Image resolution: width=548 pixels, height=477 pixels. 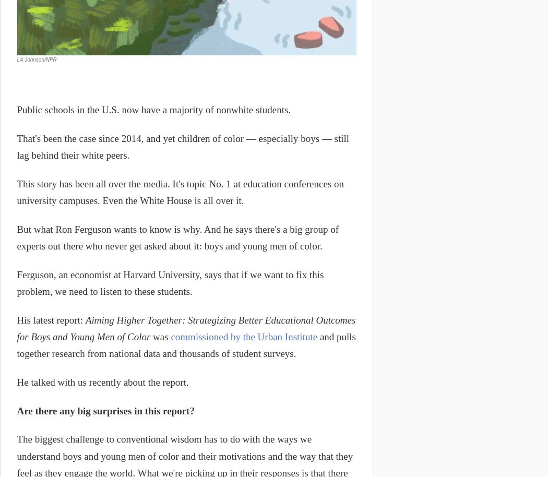 I want to click on 'Ferguson, an economist at Harvard University, says that if we want to fix this problem, we need to listen to these students.', so click(x=170, y=282).